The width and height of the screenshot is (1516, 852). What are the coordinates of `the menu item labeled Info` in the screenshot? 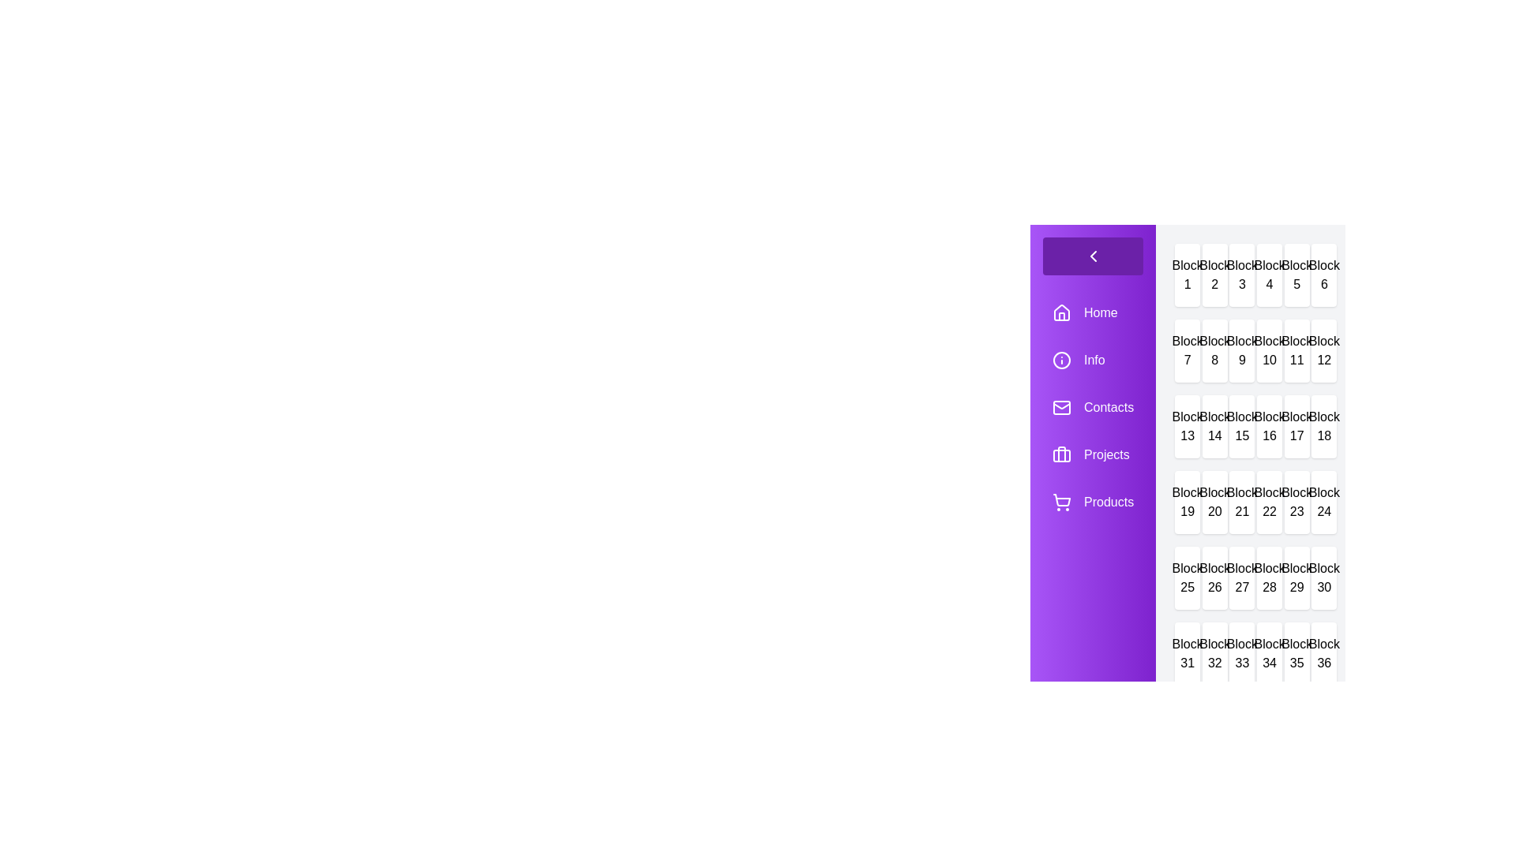 It's located at (1092, 360).